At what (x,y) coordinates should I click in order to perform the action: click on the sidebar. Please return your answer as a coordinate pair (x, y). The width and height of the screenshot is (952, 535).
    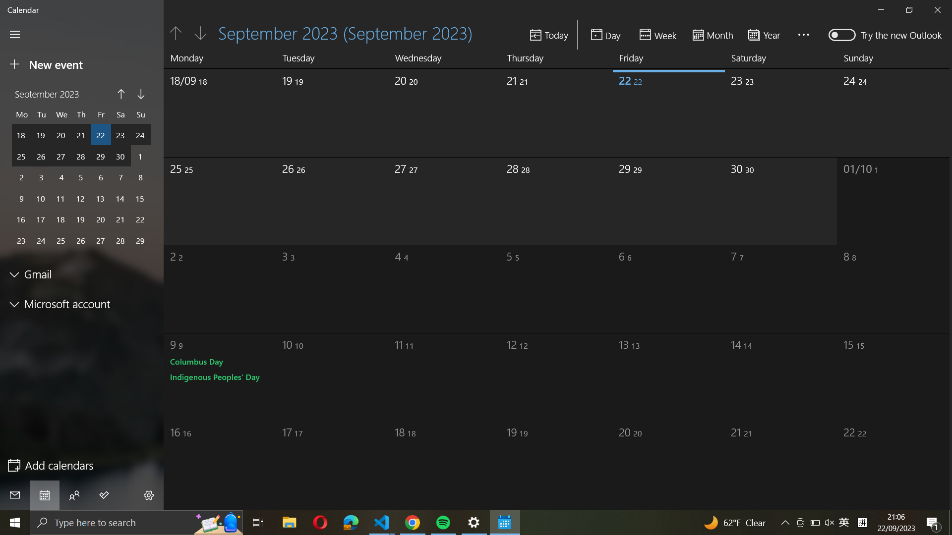
    Looking at the image, I should click on (15, 34).